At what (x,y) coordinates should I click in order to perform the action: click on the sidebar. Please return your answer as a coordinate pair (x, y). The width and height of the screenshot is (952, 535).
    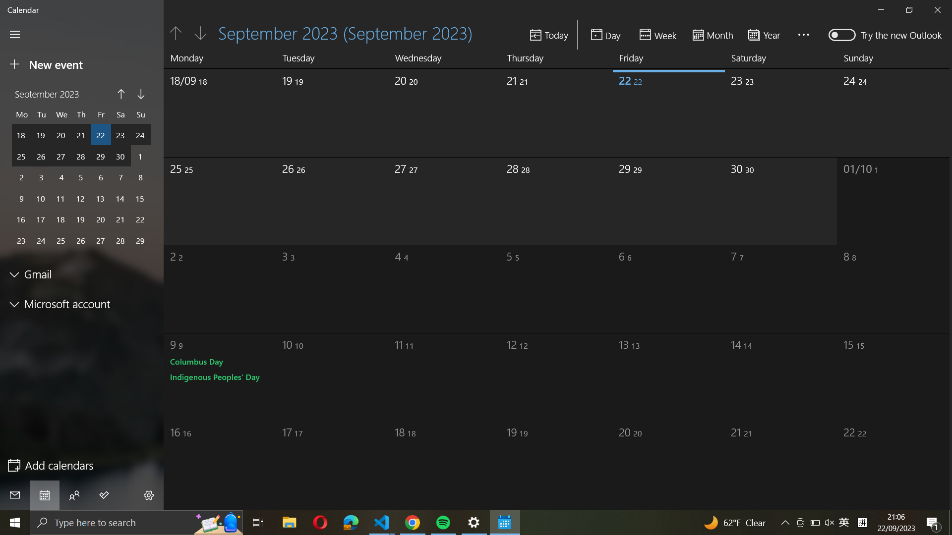
    Looking at the image, I should click on (15, 34).